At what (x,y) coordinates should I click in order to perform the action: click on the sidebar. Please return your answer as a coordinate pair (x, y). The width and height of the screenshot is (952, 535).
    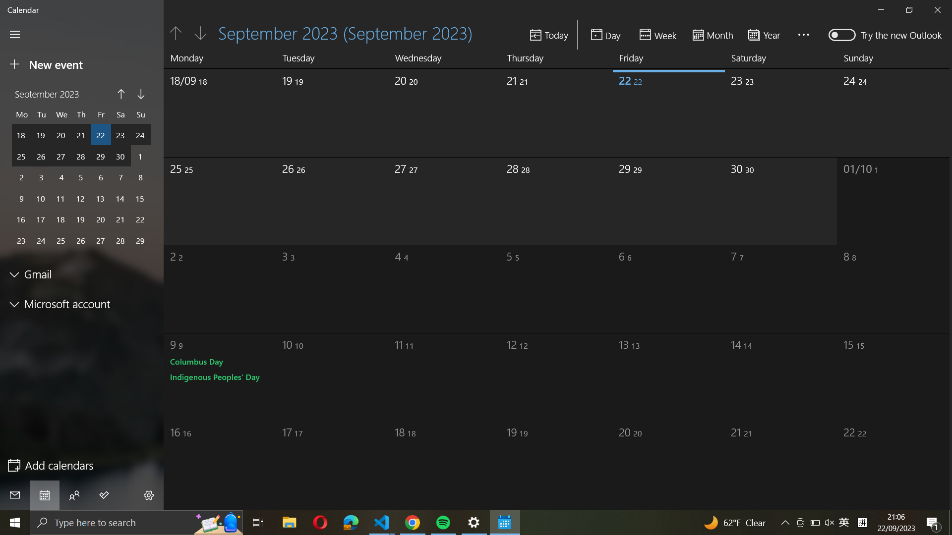
    Looking at the image, I should click on (15, 34).